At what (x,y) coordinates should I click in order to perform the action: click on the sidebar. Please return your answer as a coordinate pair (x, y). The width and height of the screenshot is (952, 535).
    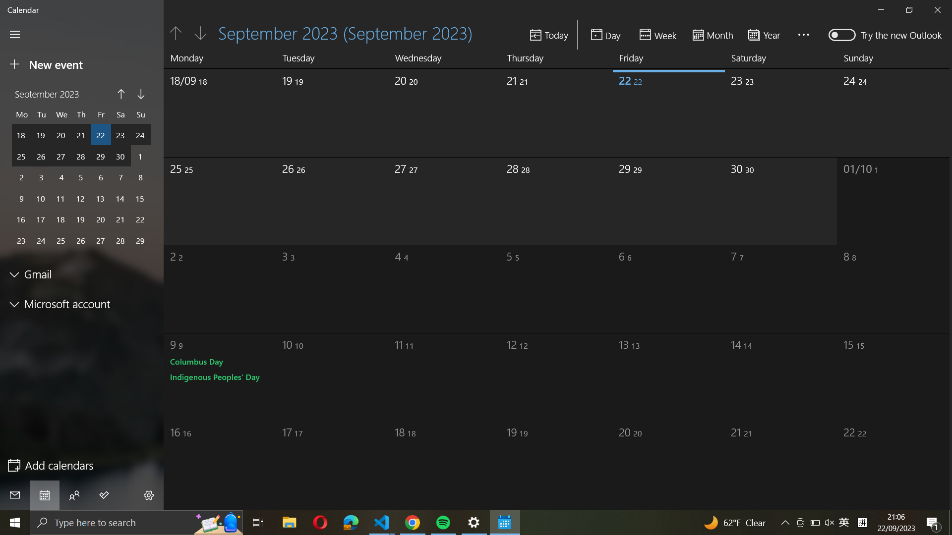
    Looking at the image, I should click on (15, 34).